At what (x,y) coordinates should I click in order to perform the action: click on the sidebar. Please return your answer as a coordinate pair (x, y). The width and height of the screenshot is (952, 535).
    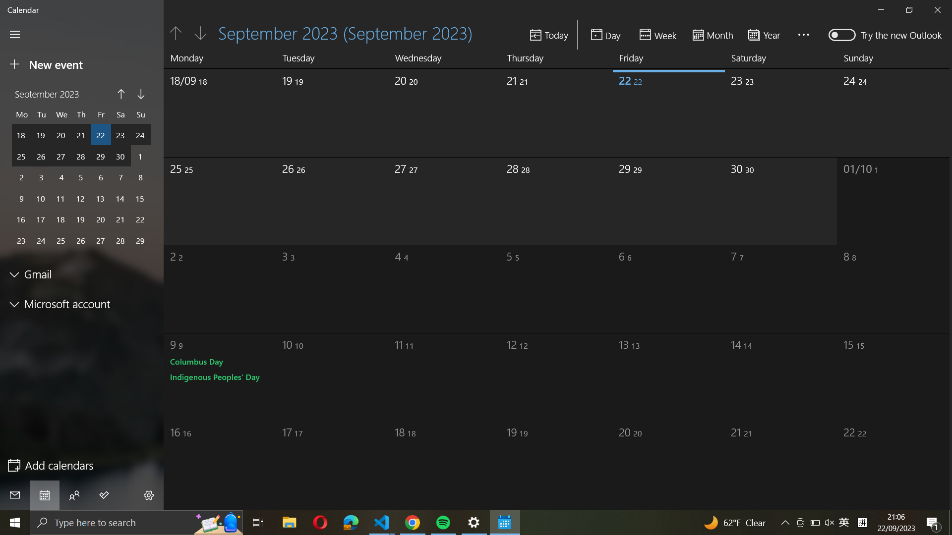
    Looking at the image, I should click on (15, 34).